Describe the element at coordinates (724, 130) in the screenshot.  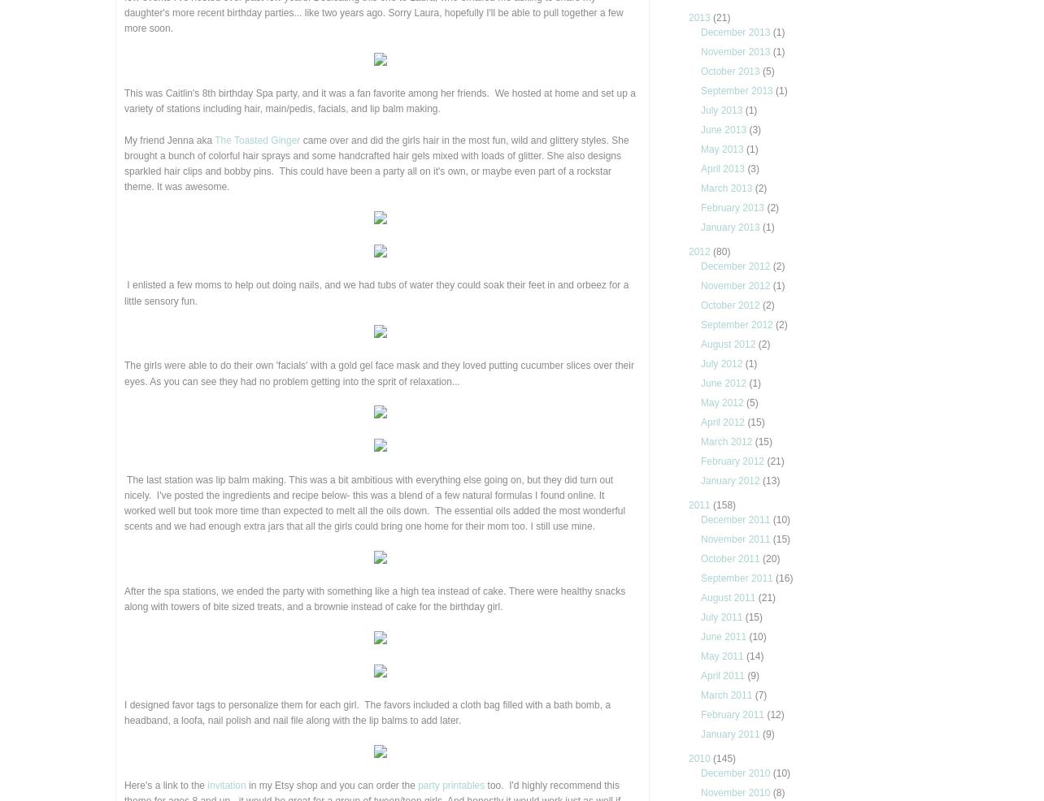
I see `'June 2013'` at that location.